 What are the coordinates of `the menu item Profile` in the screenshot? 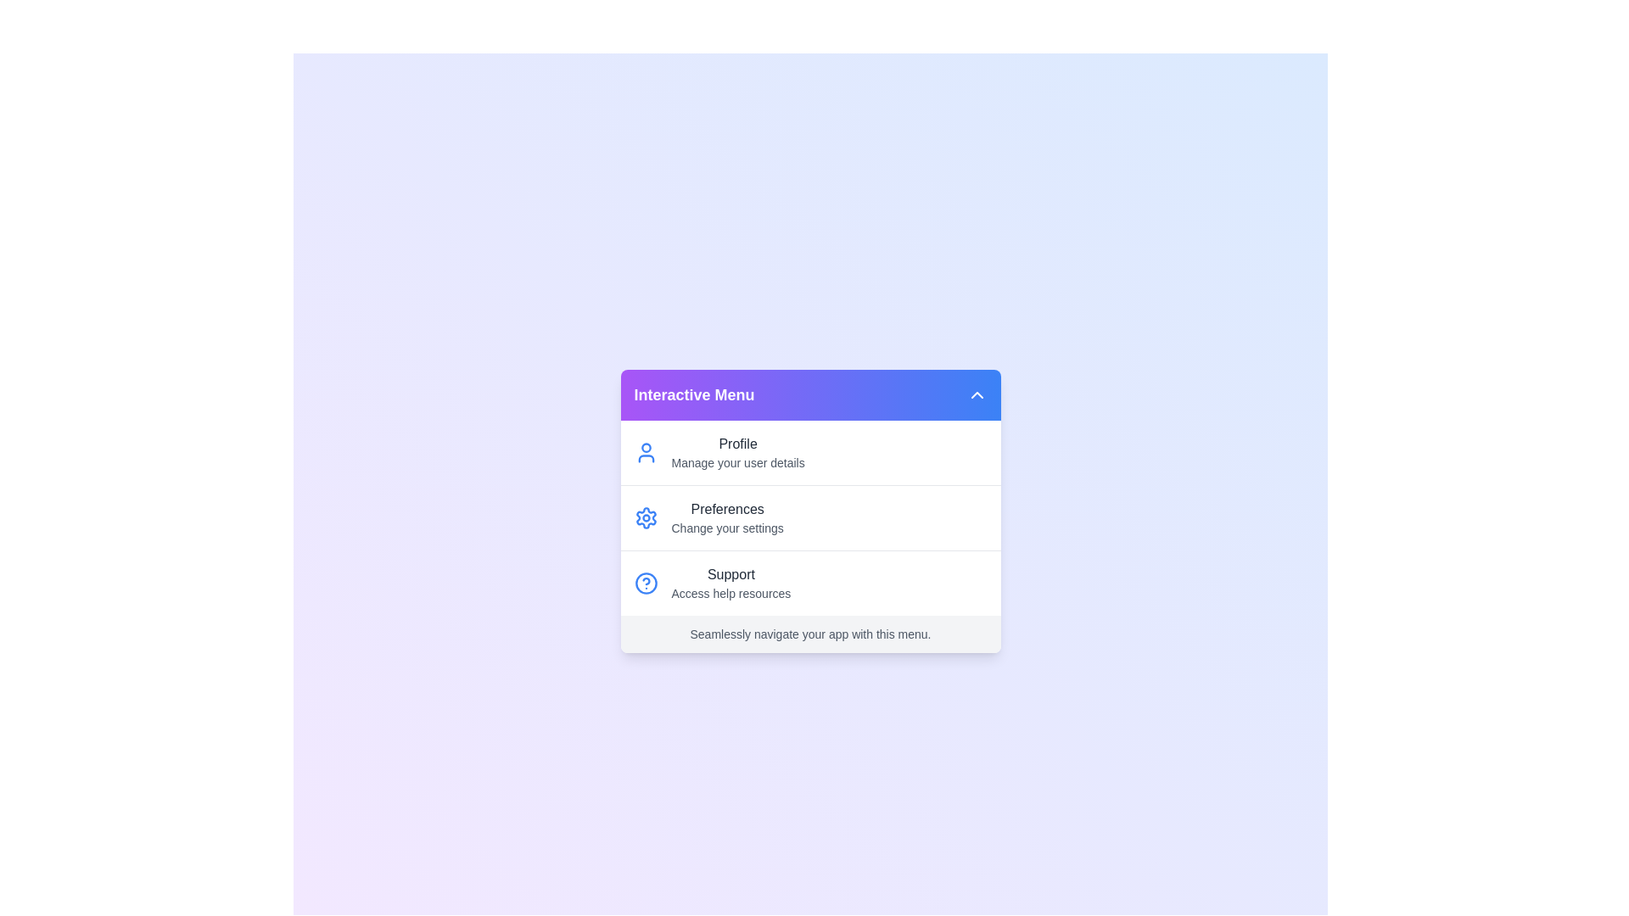 It's located at (809, 451).